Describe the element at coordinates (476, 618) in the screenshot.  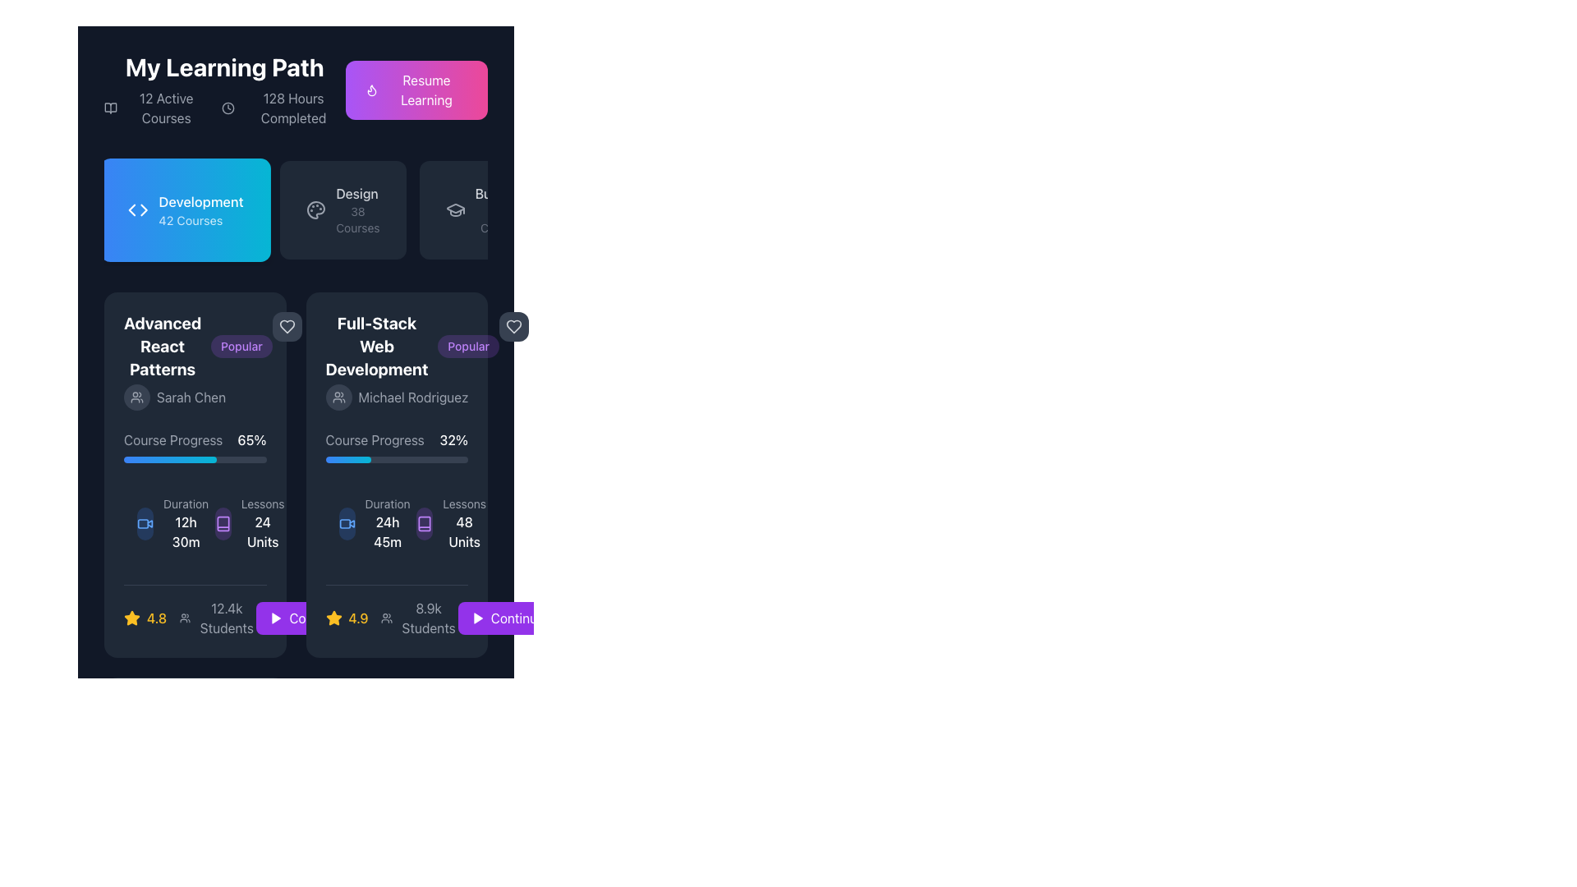
I see `the play icon located within the 'Continue' button at the bottom-right corner of the dark-themed card layout` at that location.